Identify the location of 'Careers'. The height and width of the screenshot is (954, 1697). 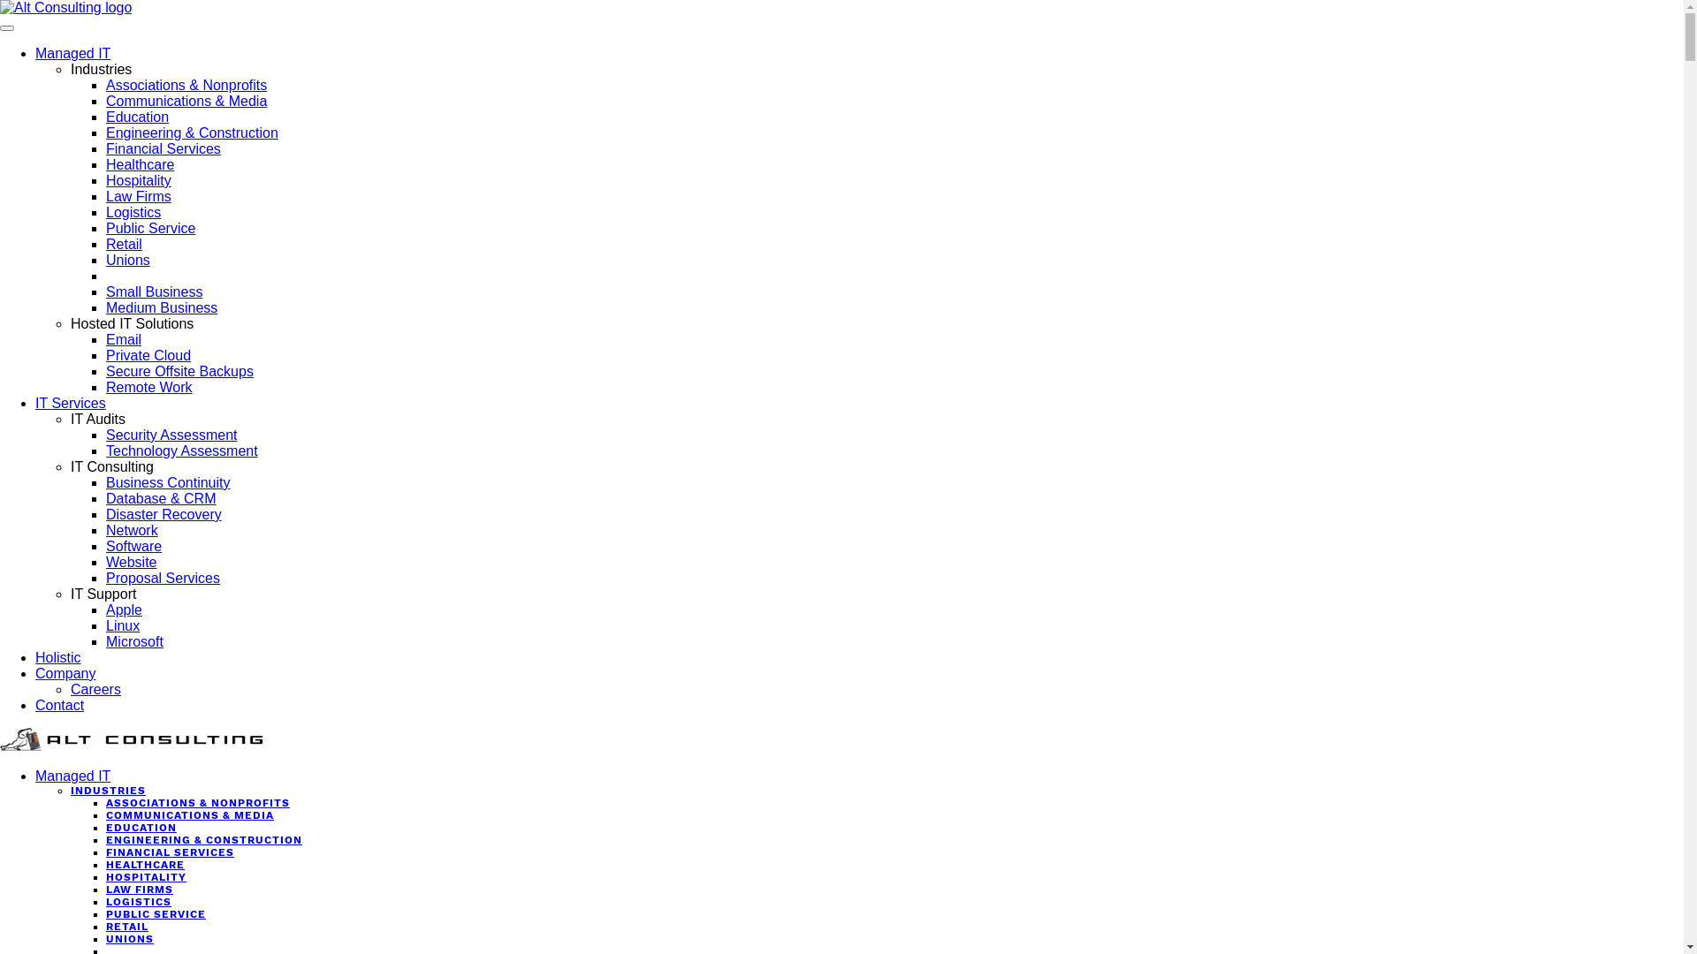
(71, 688).